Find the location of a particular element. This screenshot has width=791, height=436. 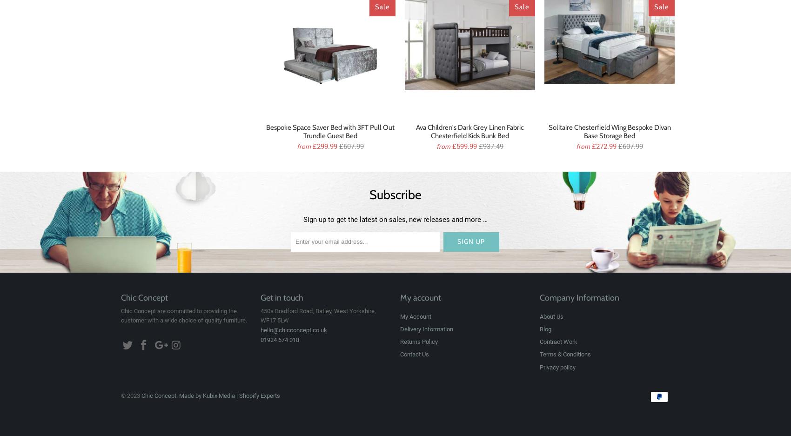

'My account' is located at coordinates (421, 297).